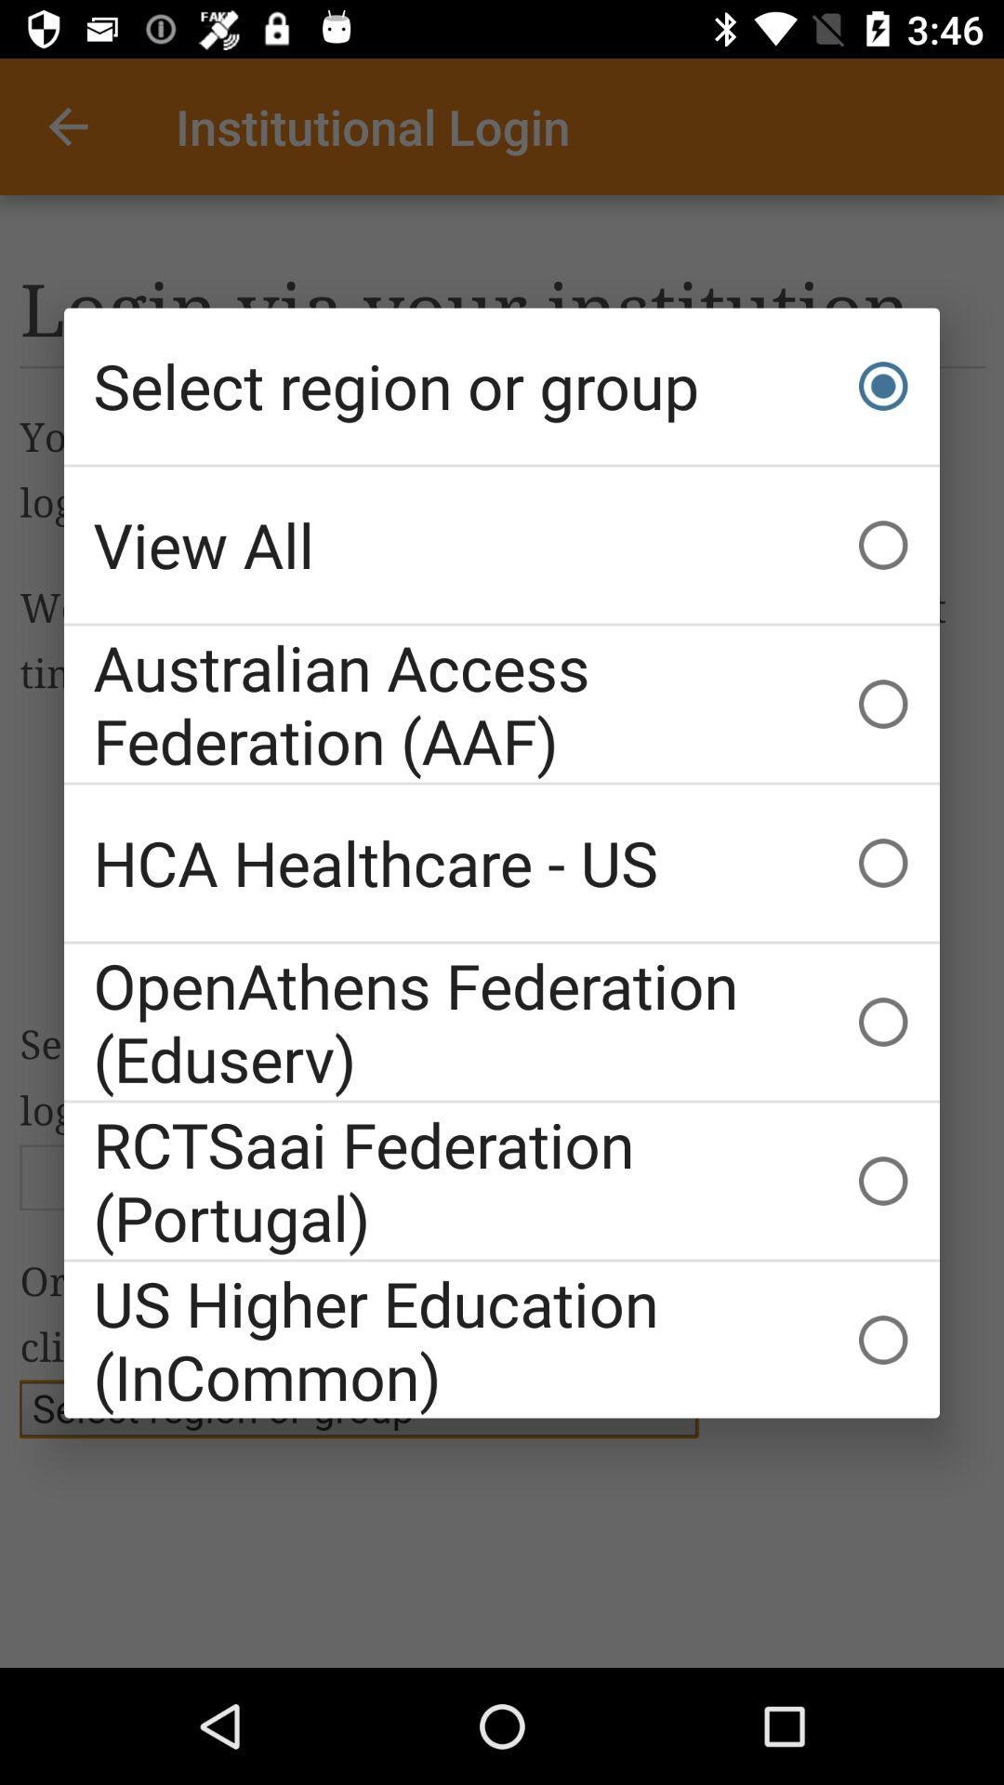 The image size is (1004, 1785). What do you see at coordinates (502, 544) in the screenshot?
I see `item above australian access federation item` at bounding box center [502, 544].